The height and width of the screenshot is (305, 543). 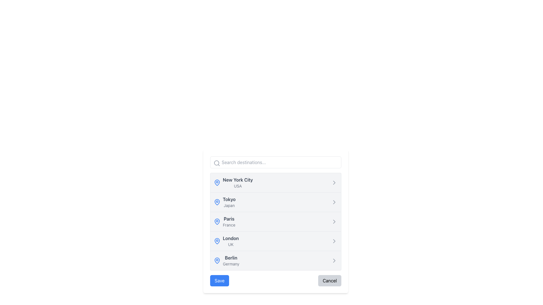 What do you see at coordinates (233, 183) in the screenshot?
I see `the List Item displaying 'New York City' with a location pin icon` at bounding box center [233, 183].